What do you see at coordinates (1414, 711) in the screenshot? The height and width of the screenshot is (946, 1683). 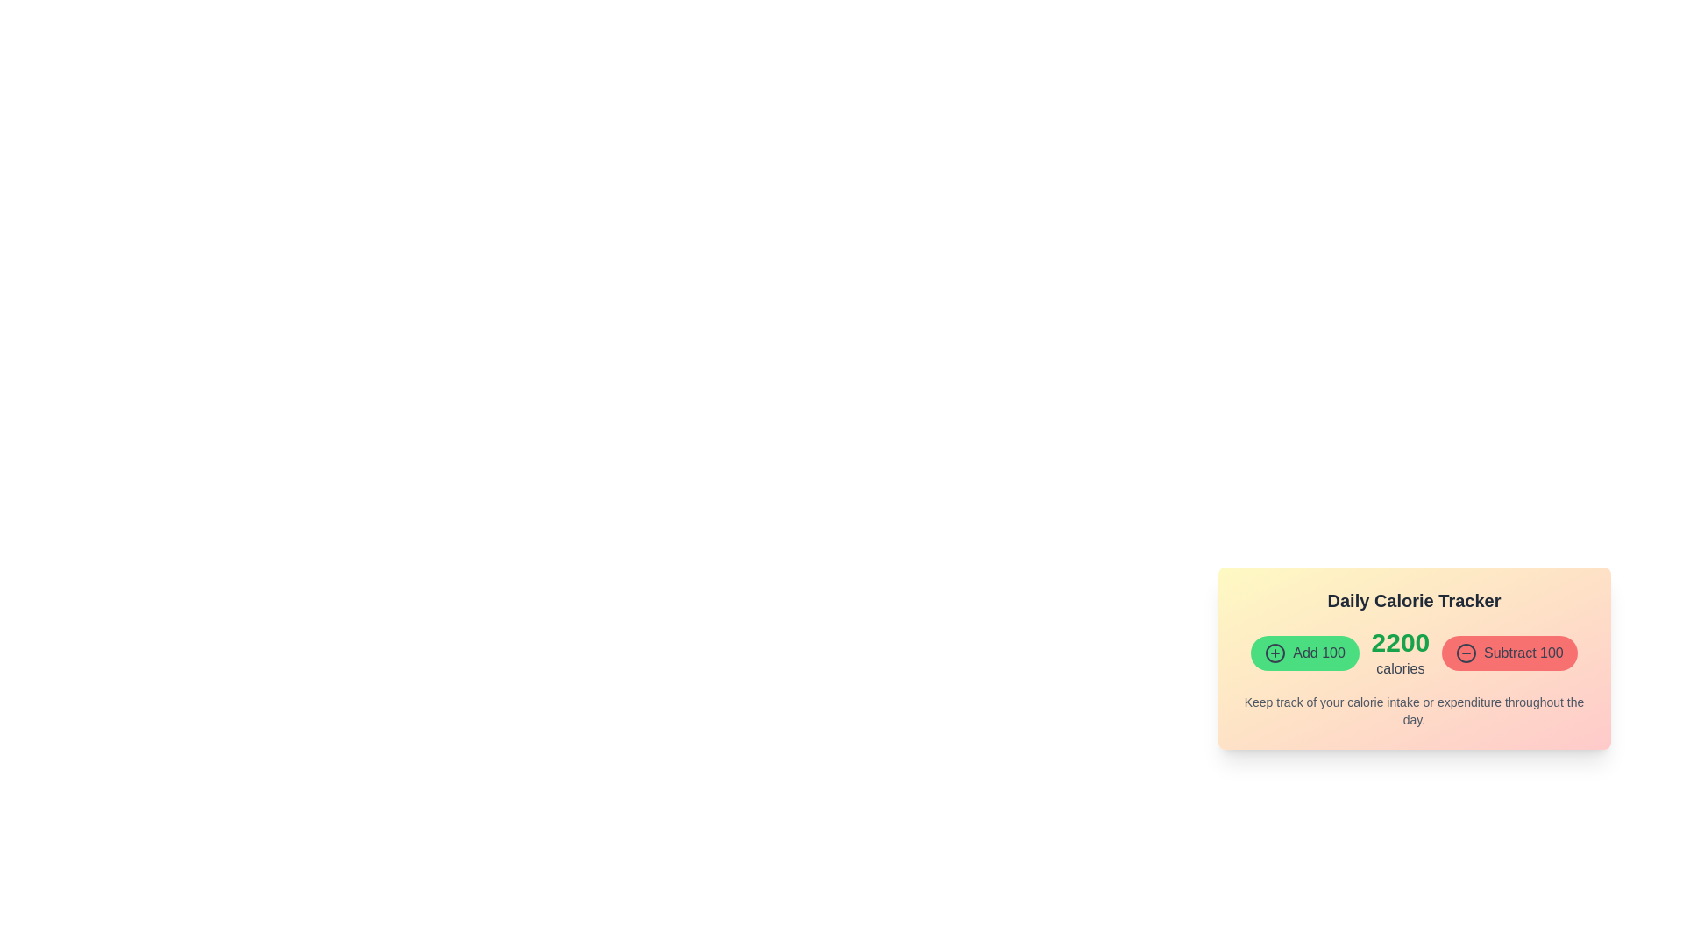 I see `the informational text element located at the bottom of the 'Daily Calorie Tracker' card, which provides guidance about the calorie tracking feature` at bounding box center [1414, 711].